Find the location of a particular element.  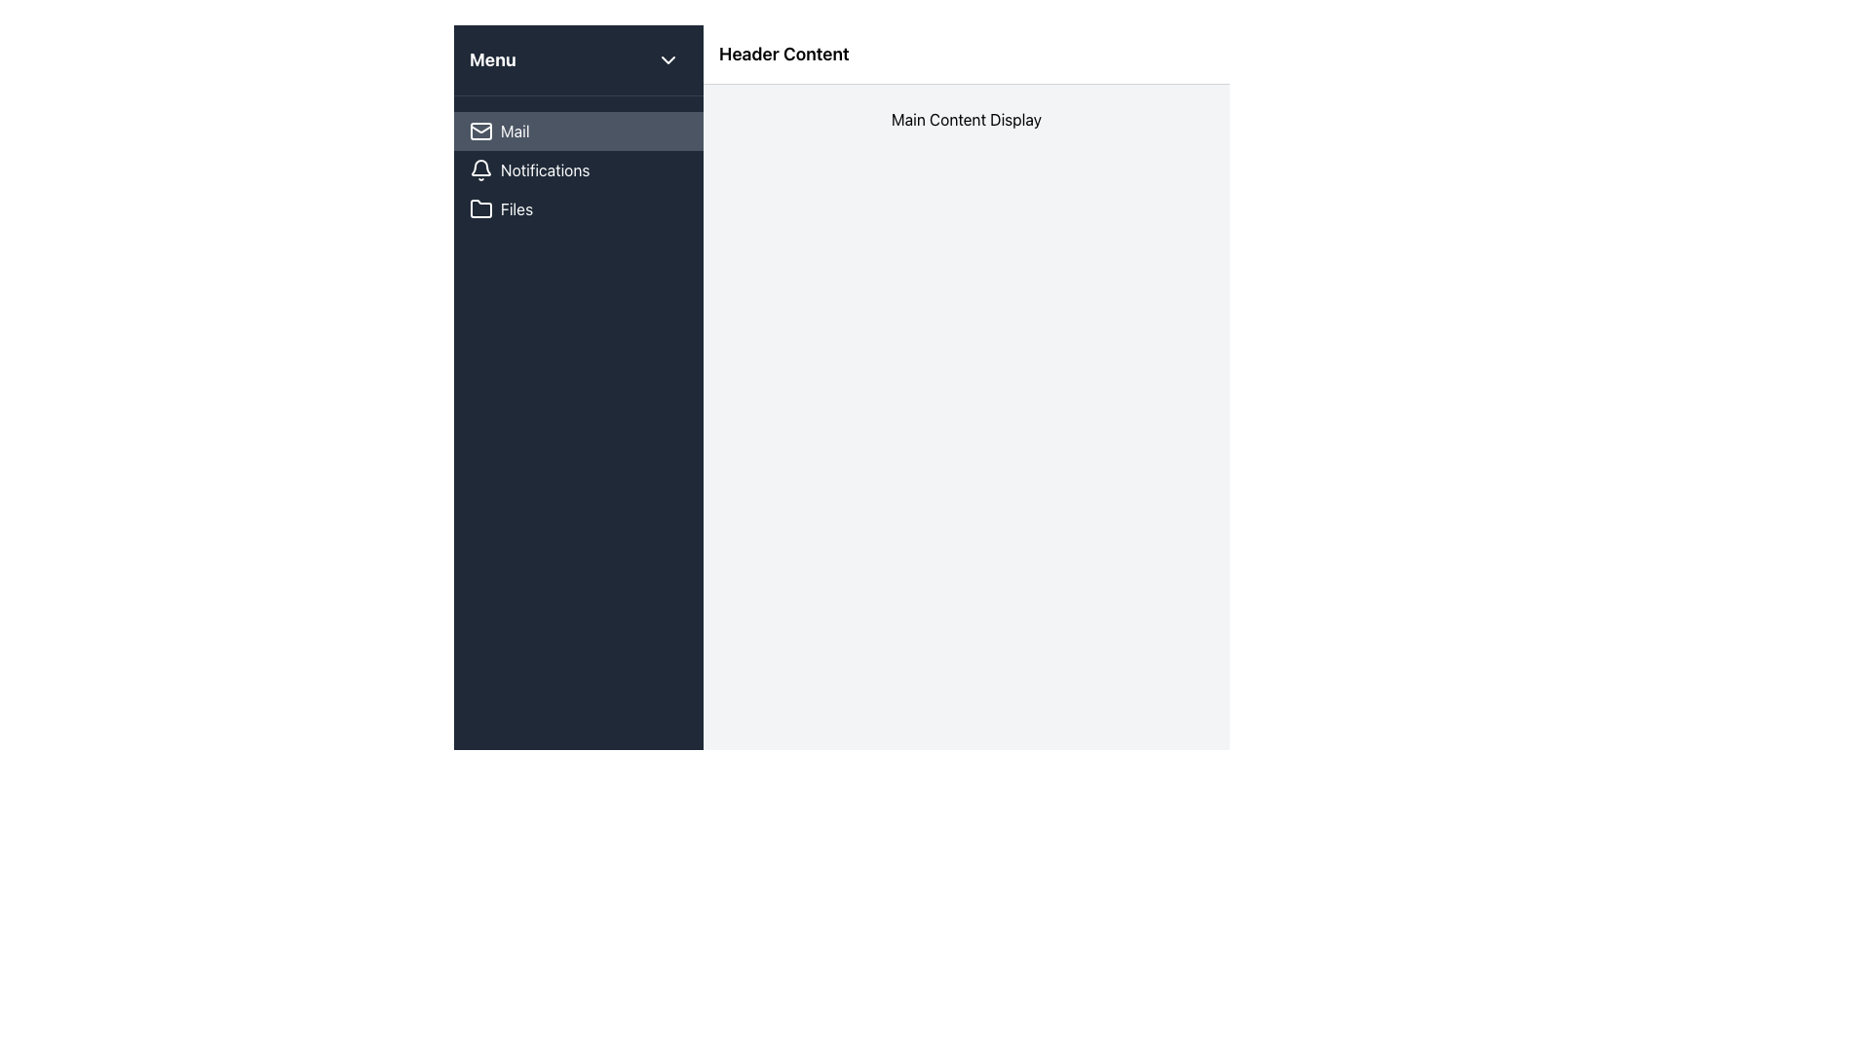

the folder icon in the sidebar menu that represents the 'Files' section, located between 'Mail' and 'Notifications' is located at coordinates (481, 208).